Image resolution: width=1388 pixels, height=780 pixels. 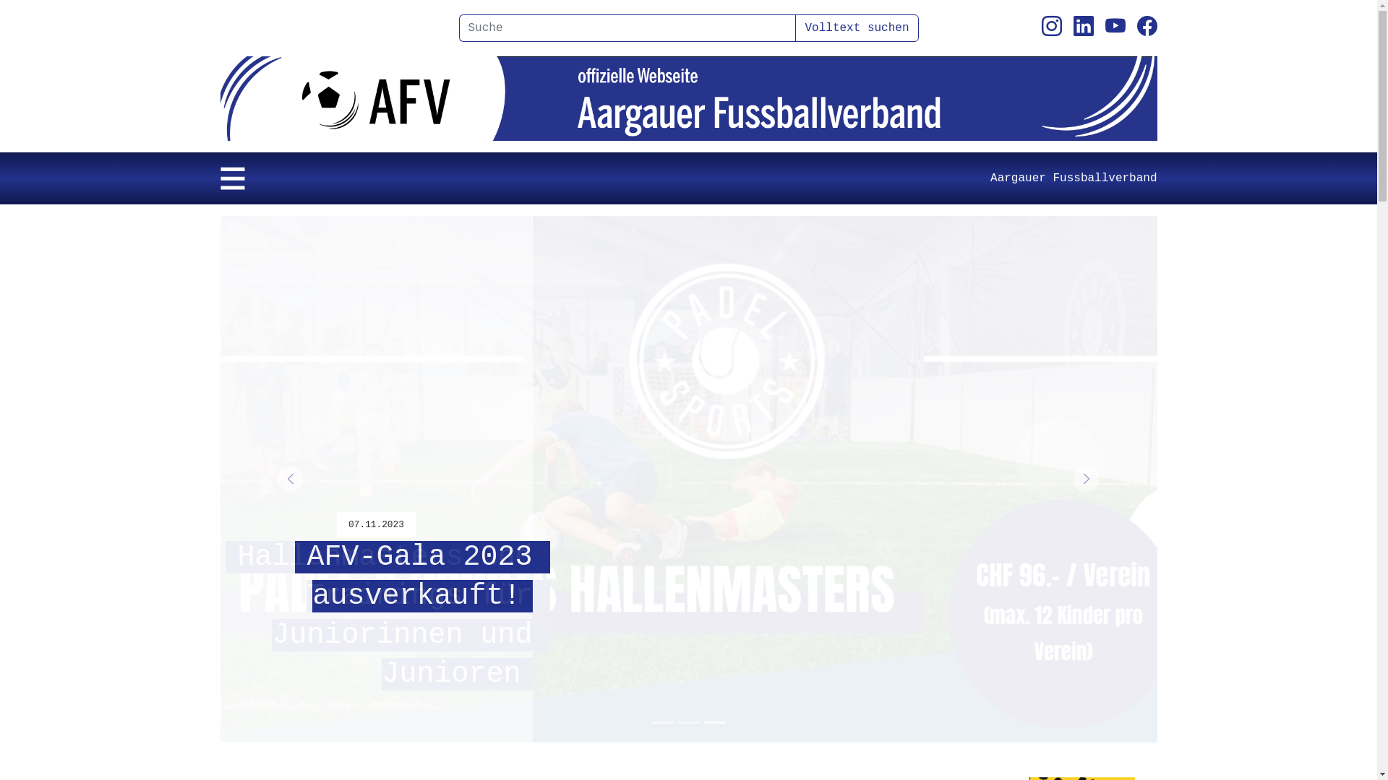 What do you see at coordinates (289, 479) in the screenshot?
I see `'Previous'` at bounding box center [289, 479].